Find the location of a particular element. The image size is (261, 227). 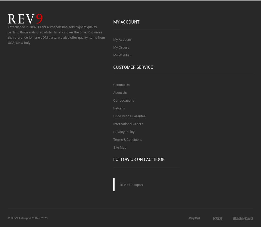

'REV9 Autosport' is located at coordinates (120, 184).